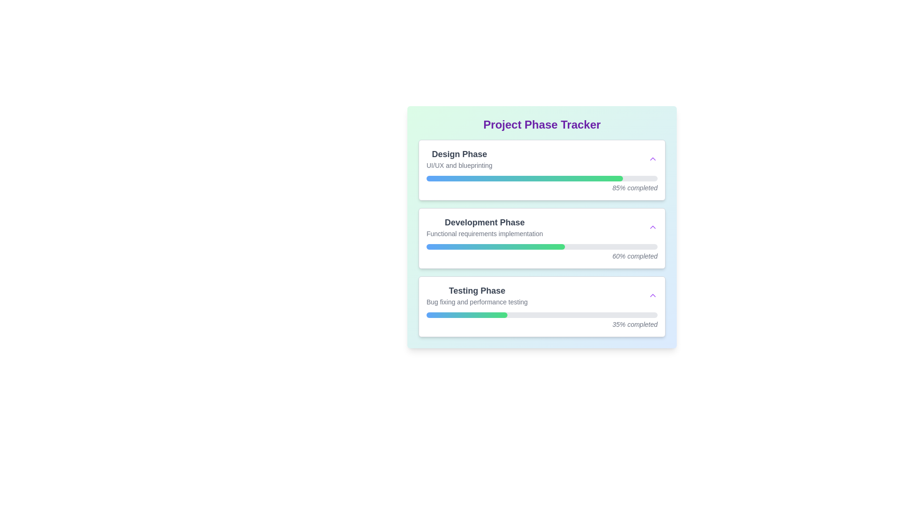  What do you see at coordinates (652, 227) in the screenshot?
I see `the upward-pointing chevron icon button styled in purple, located on the far right of the 'Development Phase' card to change its color` at bounding box center [652, 227].